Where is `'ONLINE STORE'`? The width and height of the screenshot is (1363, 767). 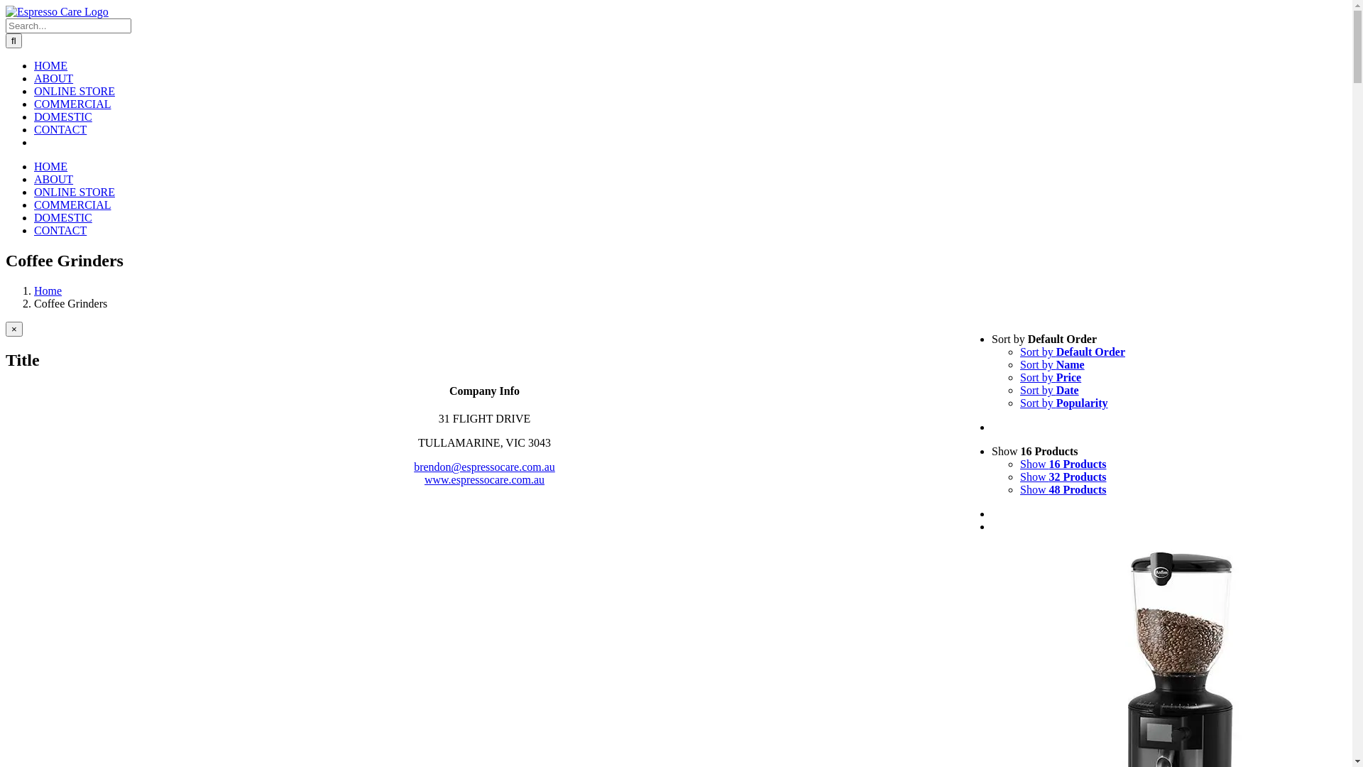 'ONLINE STORE' is located at coordinates (74, 91).